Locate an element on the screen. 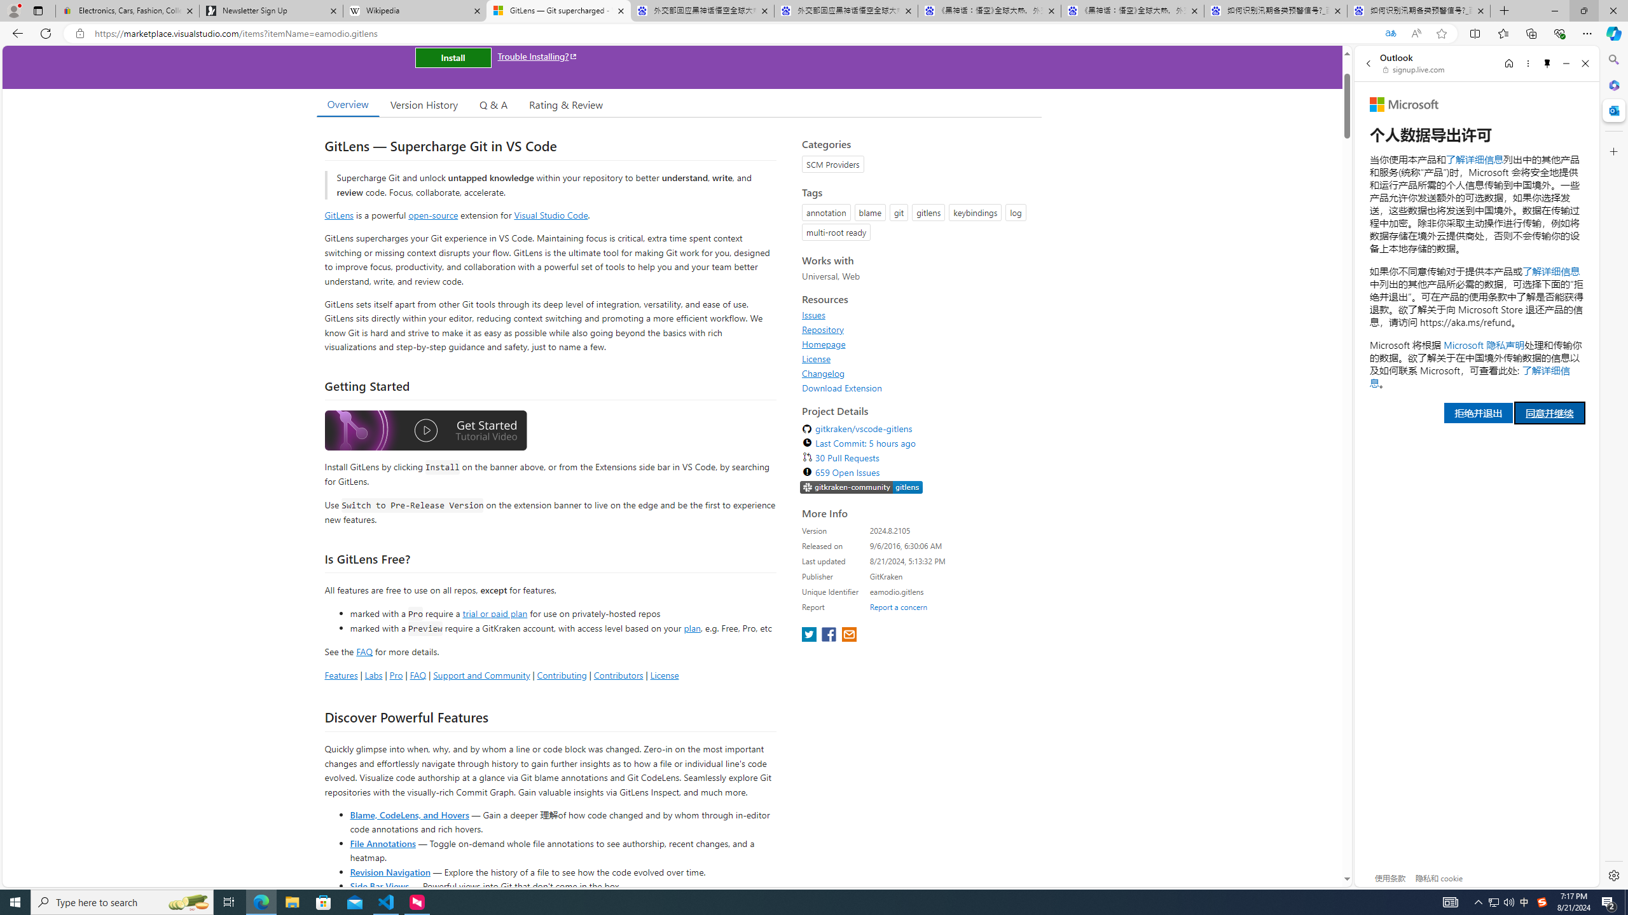 This screenshot has height=915, width=1628. 'Blame, CodeLens, and Hovers' is located at coordinates (409, 813).